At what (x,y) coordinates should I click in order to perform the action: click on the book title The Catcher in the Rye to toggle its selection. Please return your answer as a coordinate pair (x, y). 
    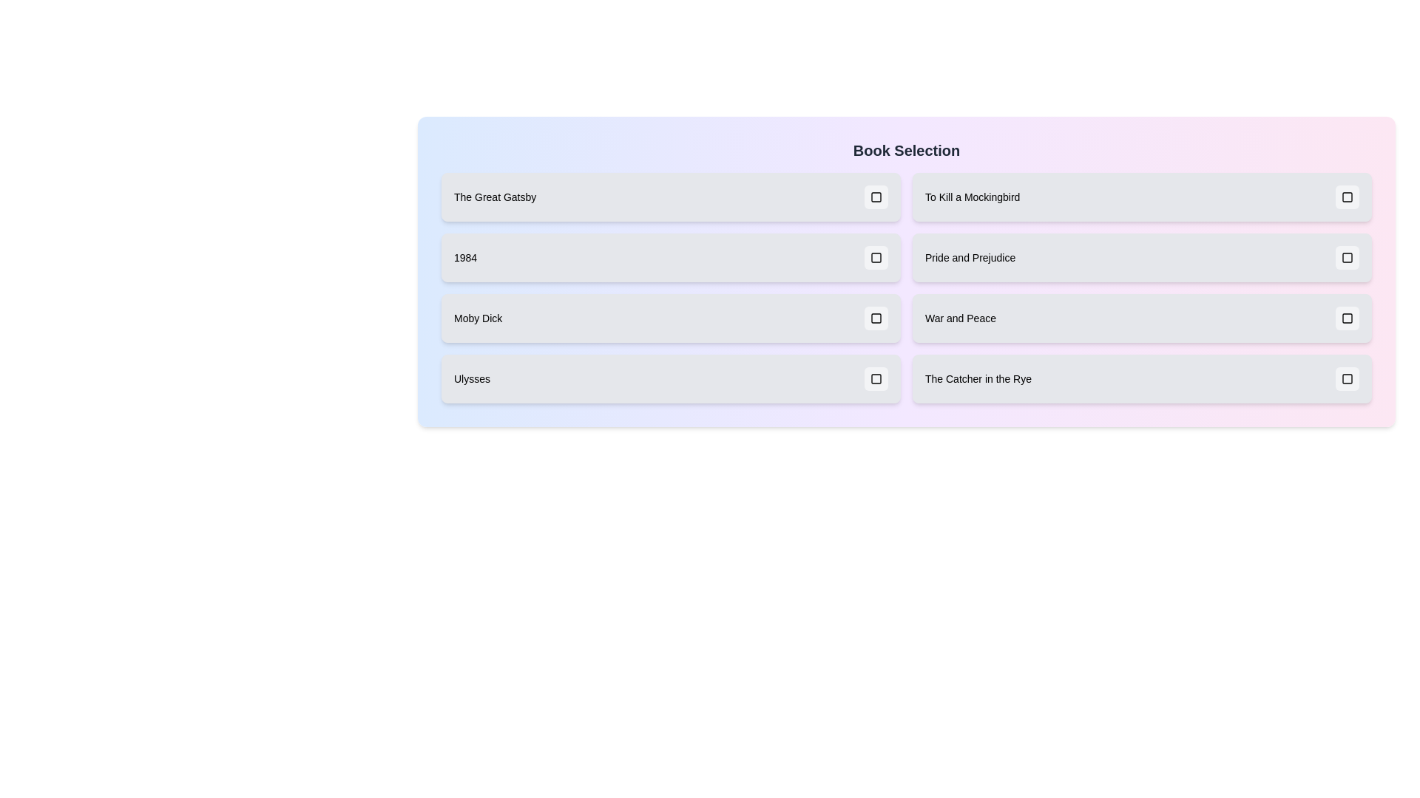
    Looking at the image, I should click on (1141, 378).